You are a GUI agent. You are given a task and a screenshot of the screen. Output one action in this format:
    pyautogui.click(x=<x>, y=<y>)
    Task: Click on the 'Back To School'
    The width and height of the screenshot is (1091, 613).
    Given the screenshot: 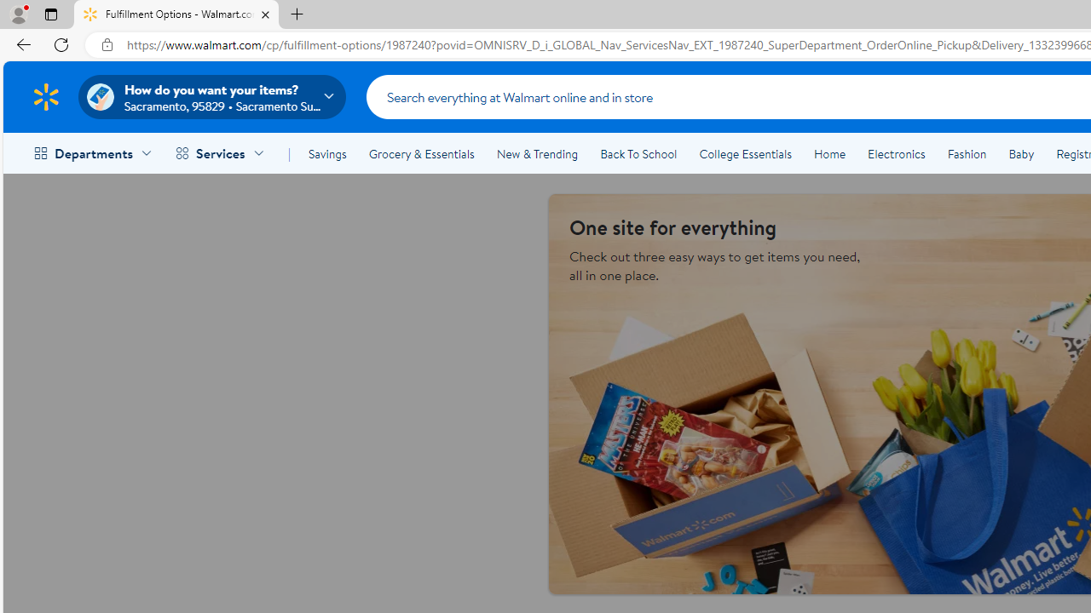 What is the action you would take?
    pyautogui.click(x=638, y=154)
    